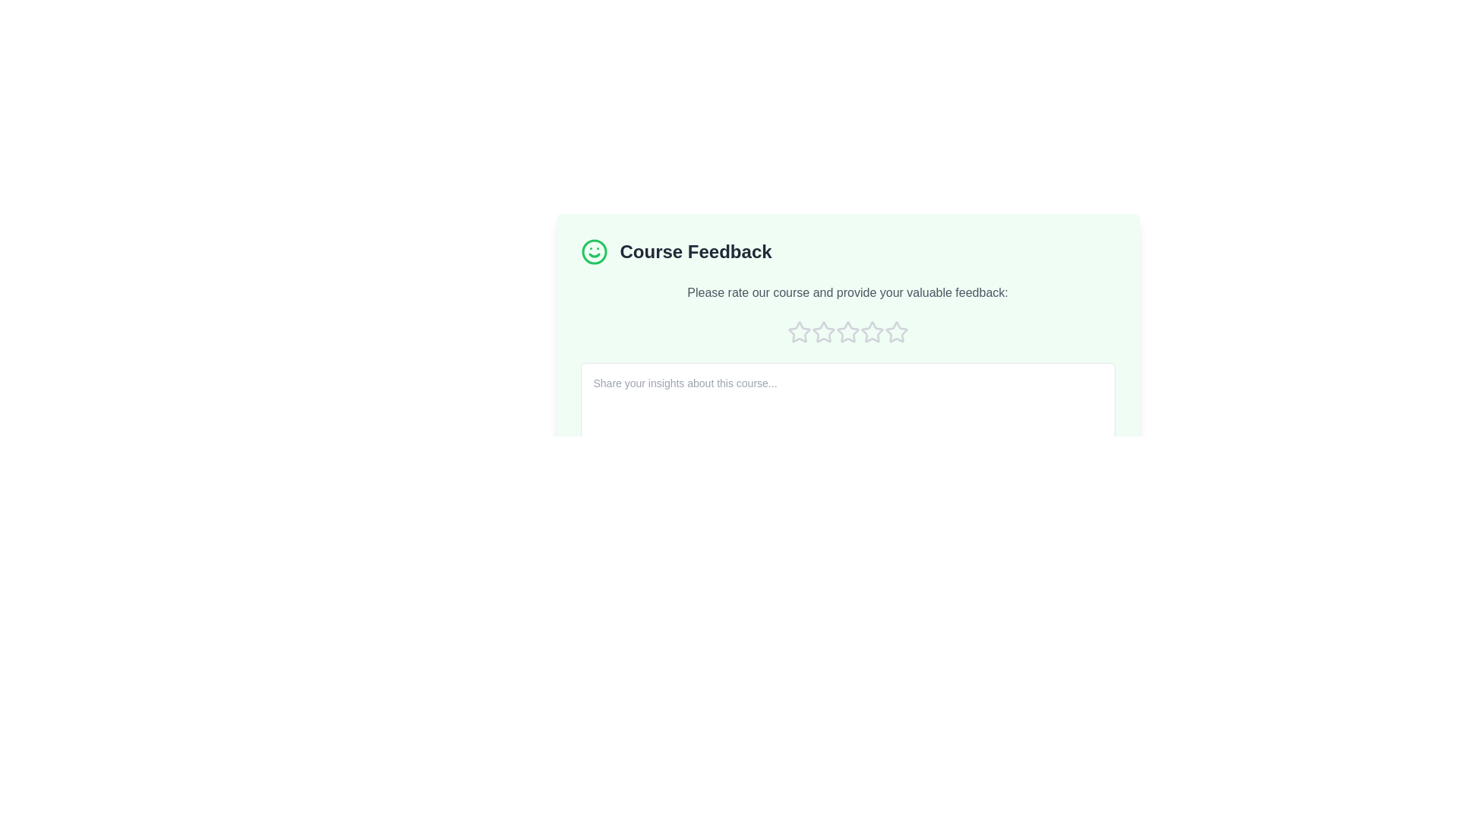 Image resolution: width=1458 pixels, height=820 pixels. What do you see at coordinates (896, 331) in the screenshot?
I see `the fifth star-shaped rating icon, outlined in light gray` at bounding box center [896, 331].